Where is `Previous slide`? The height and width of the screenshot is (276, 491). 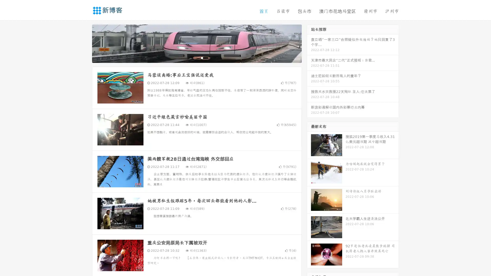
Previous slide is located at coordinates (84, 43).